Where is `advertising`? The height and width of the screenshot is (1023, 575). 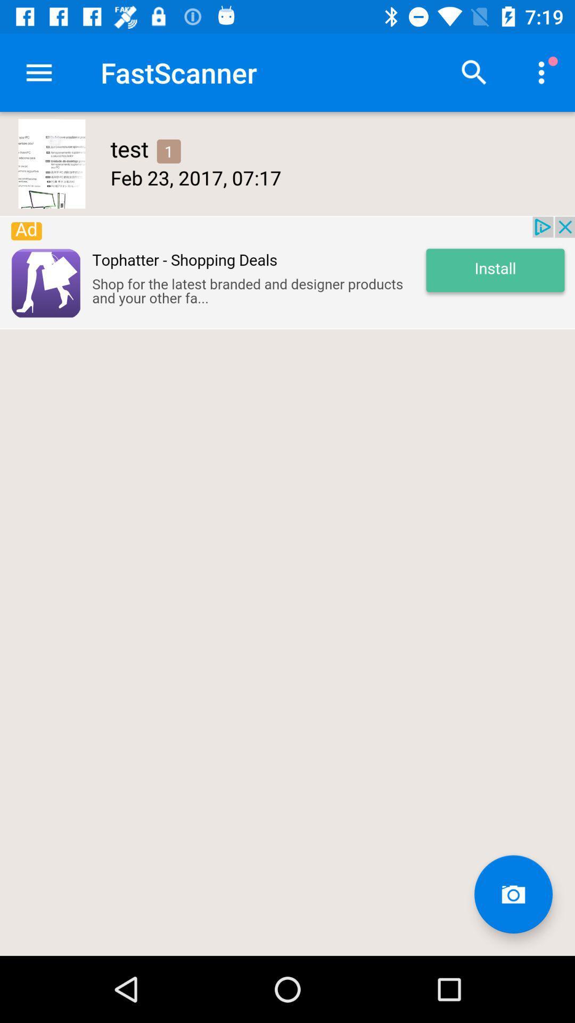 advertising is located at coordinates (287, 272).